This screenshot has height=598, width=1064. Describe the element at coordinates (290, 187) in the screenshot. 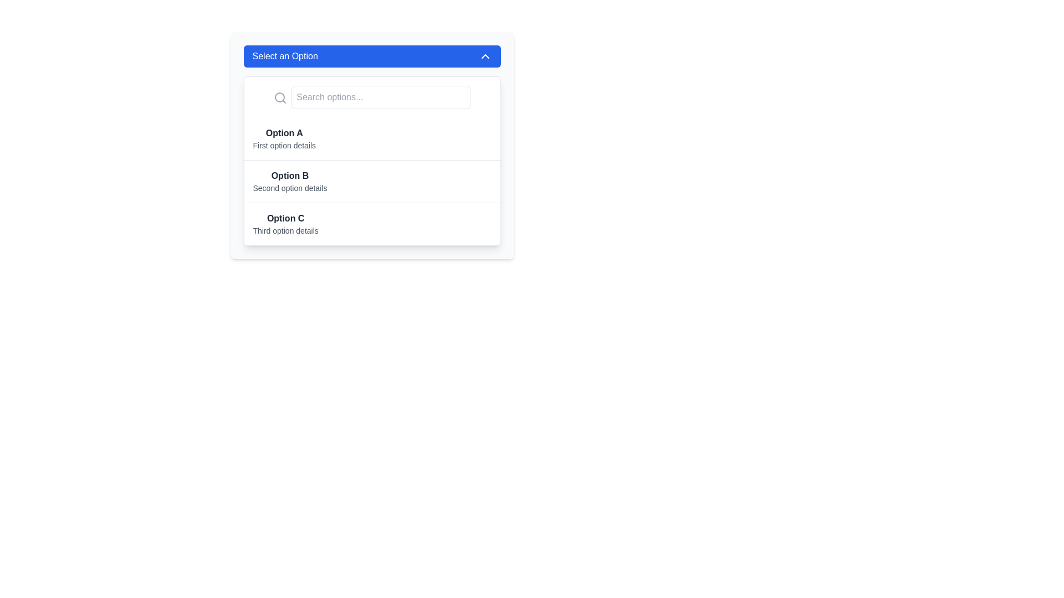

I see `text label that says 'Second option details', which is styled in a smaller gray font and positioned below the title 'Option B' in the dropdown list` at that location.